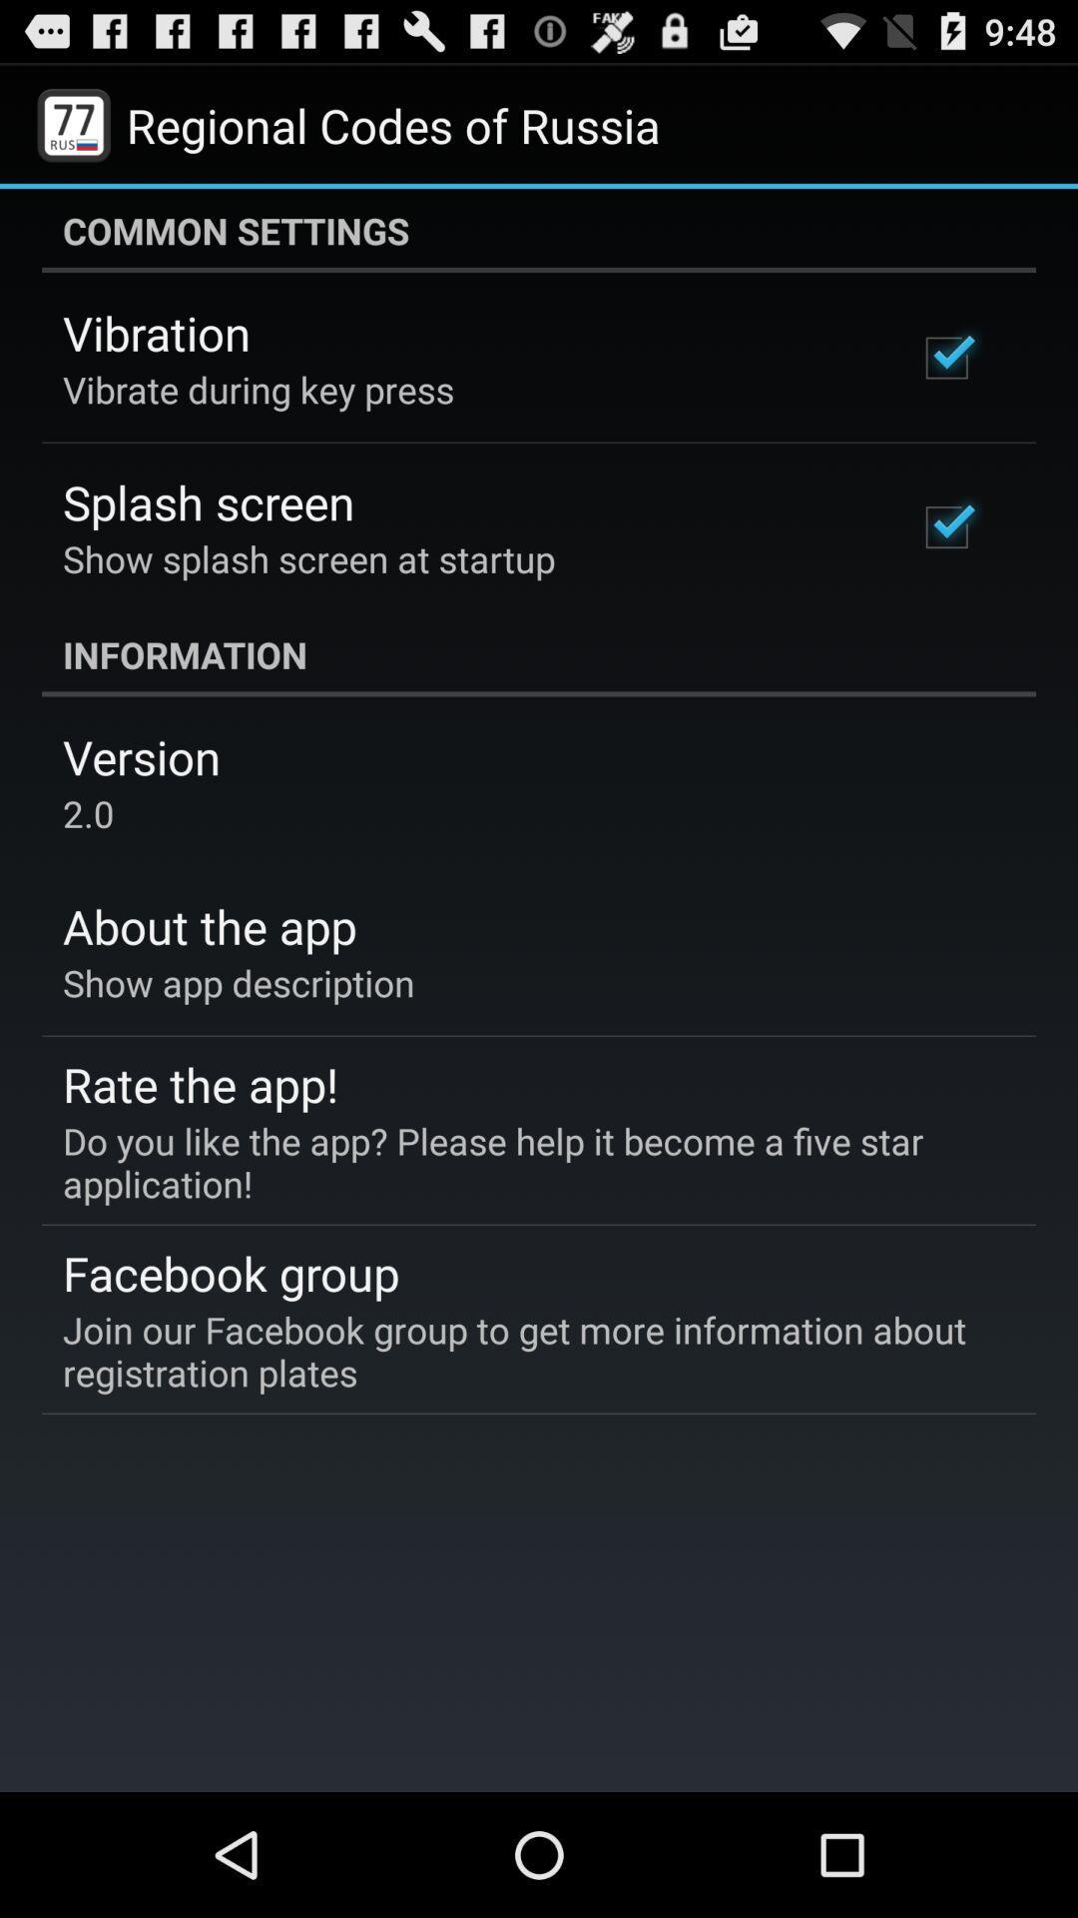 This screenshot has width=1078, height=1918. What do you see at coordinates (524, 1351) in the screenshot?
I see `join our facebook app` at bounding box center [524, 1351].